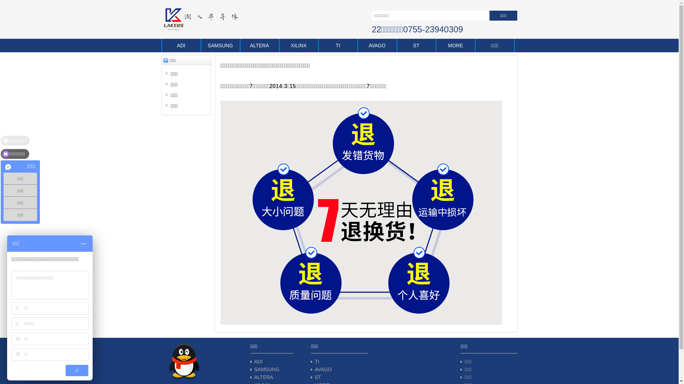 Image resolution: width=684 pixels, height=384 pixels. Describe the element at coordinates (338, 45) in the screenshot. I see `'TI'` at that location.